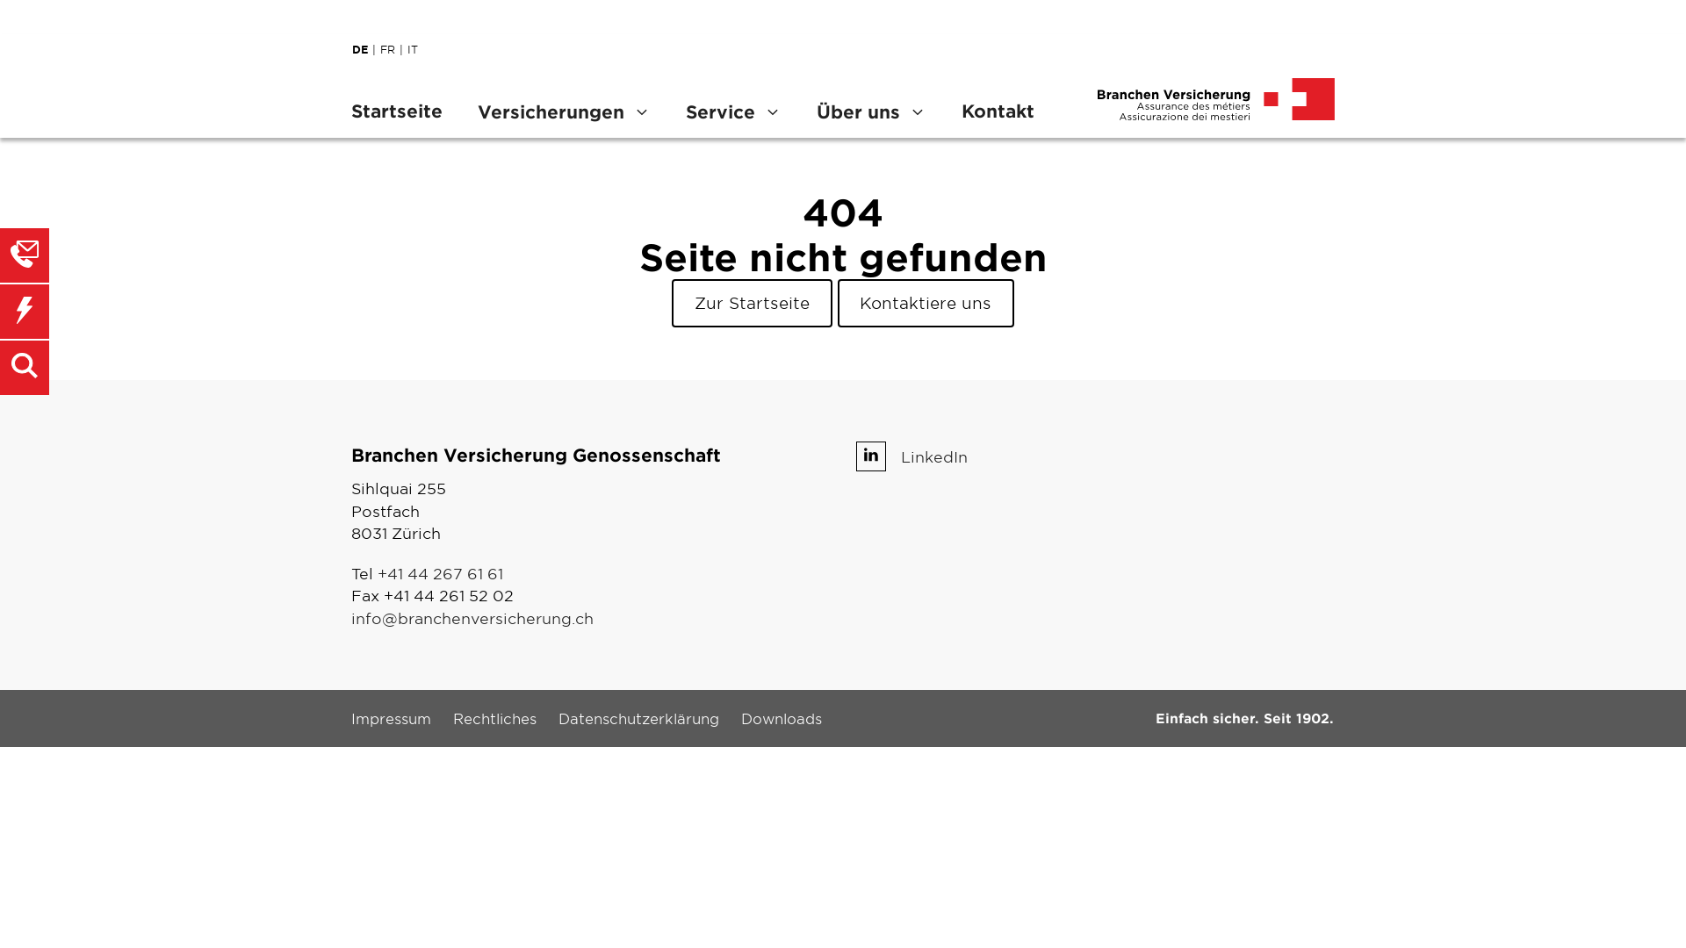 This screenshot has height=948, width=1686. Describe the element at coordinates (416, 48) in the screenshot. I see `'IT'` at that location.